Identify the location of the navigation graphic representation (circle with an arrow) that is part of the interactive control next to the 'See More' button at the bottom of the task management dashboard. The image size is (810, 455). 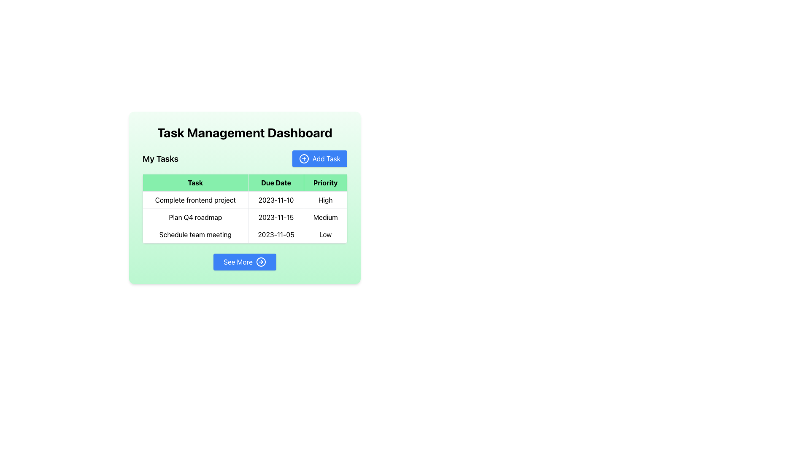
(261, 261).